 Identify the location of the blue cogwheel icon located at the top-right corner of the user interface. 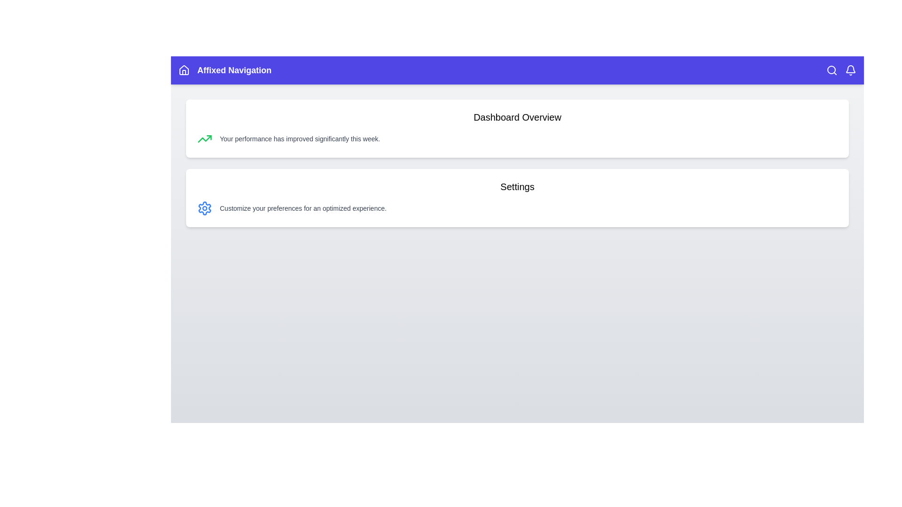
(204, 207).